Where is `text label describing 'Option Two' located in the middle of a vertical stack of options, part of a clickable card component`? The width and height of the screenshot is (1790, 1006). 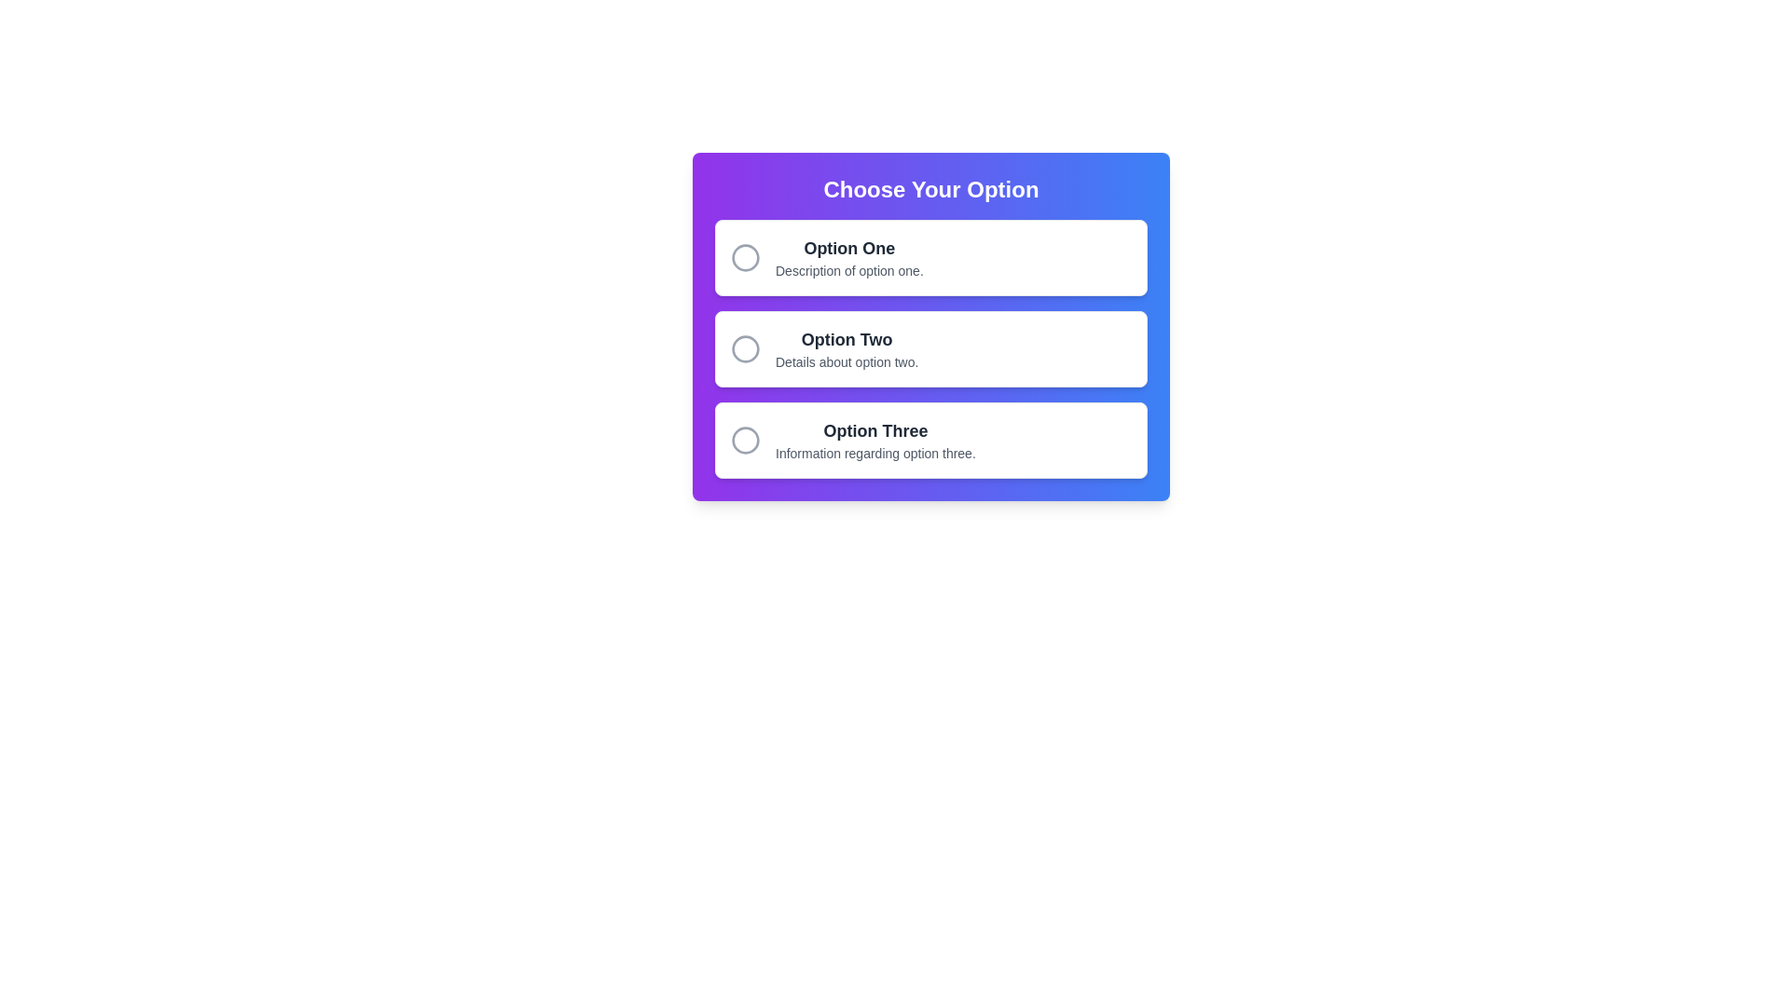 text label describing 'Option Two' located in the middle of a vertical stack of options, part of a clickable card component is located at coordinates (846, 348).